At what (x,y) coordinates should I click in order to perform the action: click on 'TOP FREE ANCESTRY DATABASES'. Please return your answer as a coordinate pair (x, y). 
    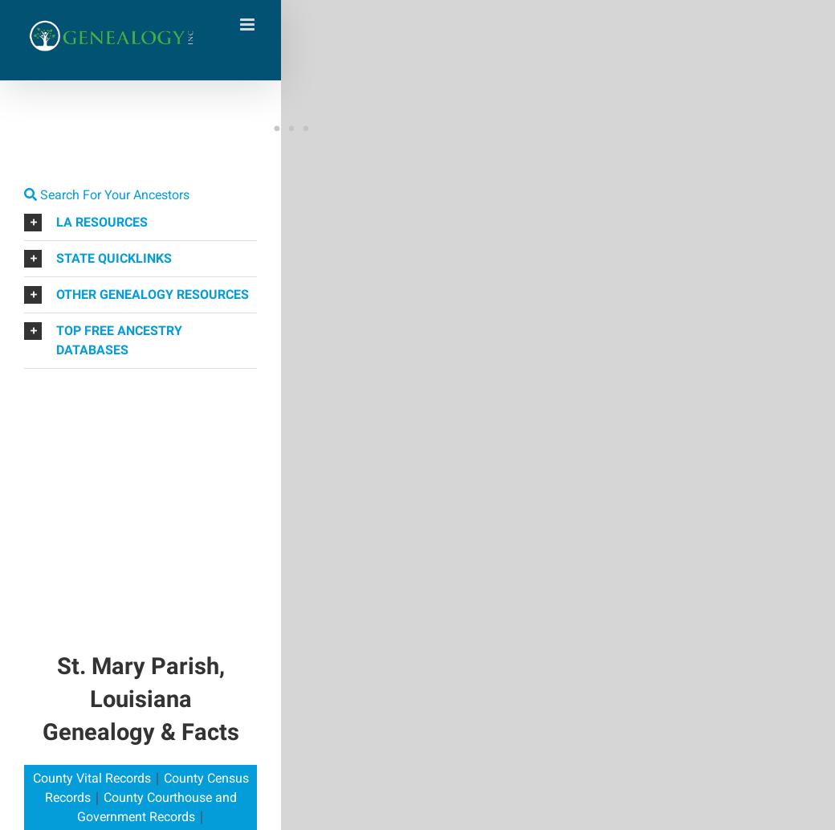
    Looking at the image, I should click on (119, 339).